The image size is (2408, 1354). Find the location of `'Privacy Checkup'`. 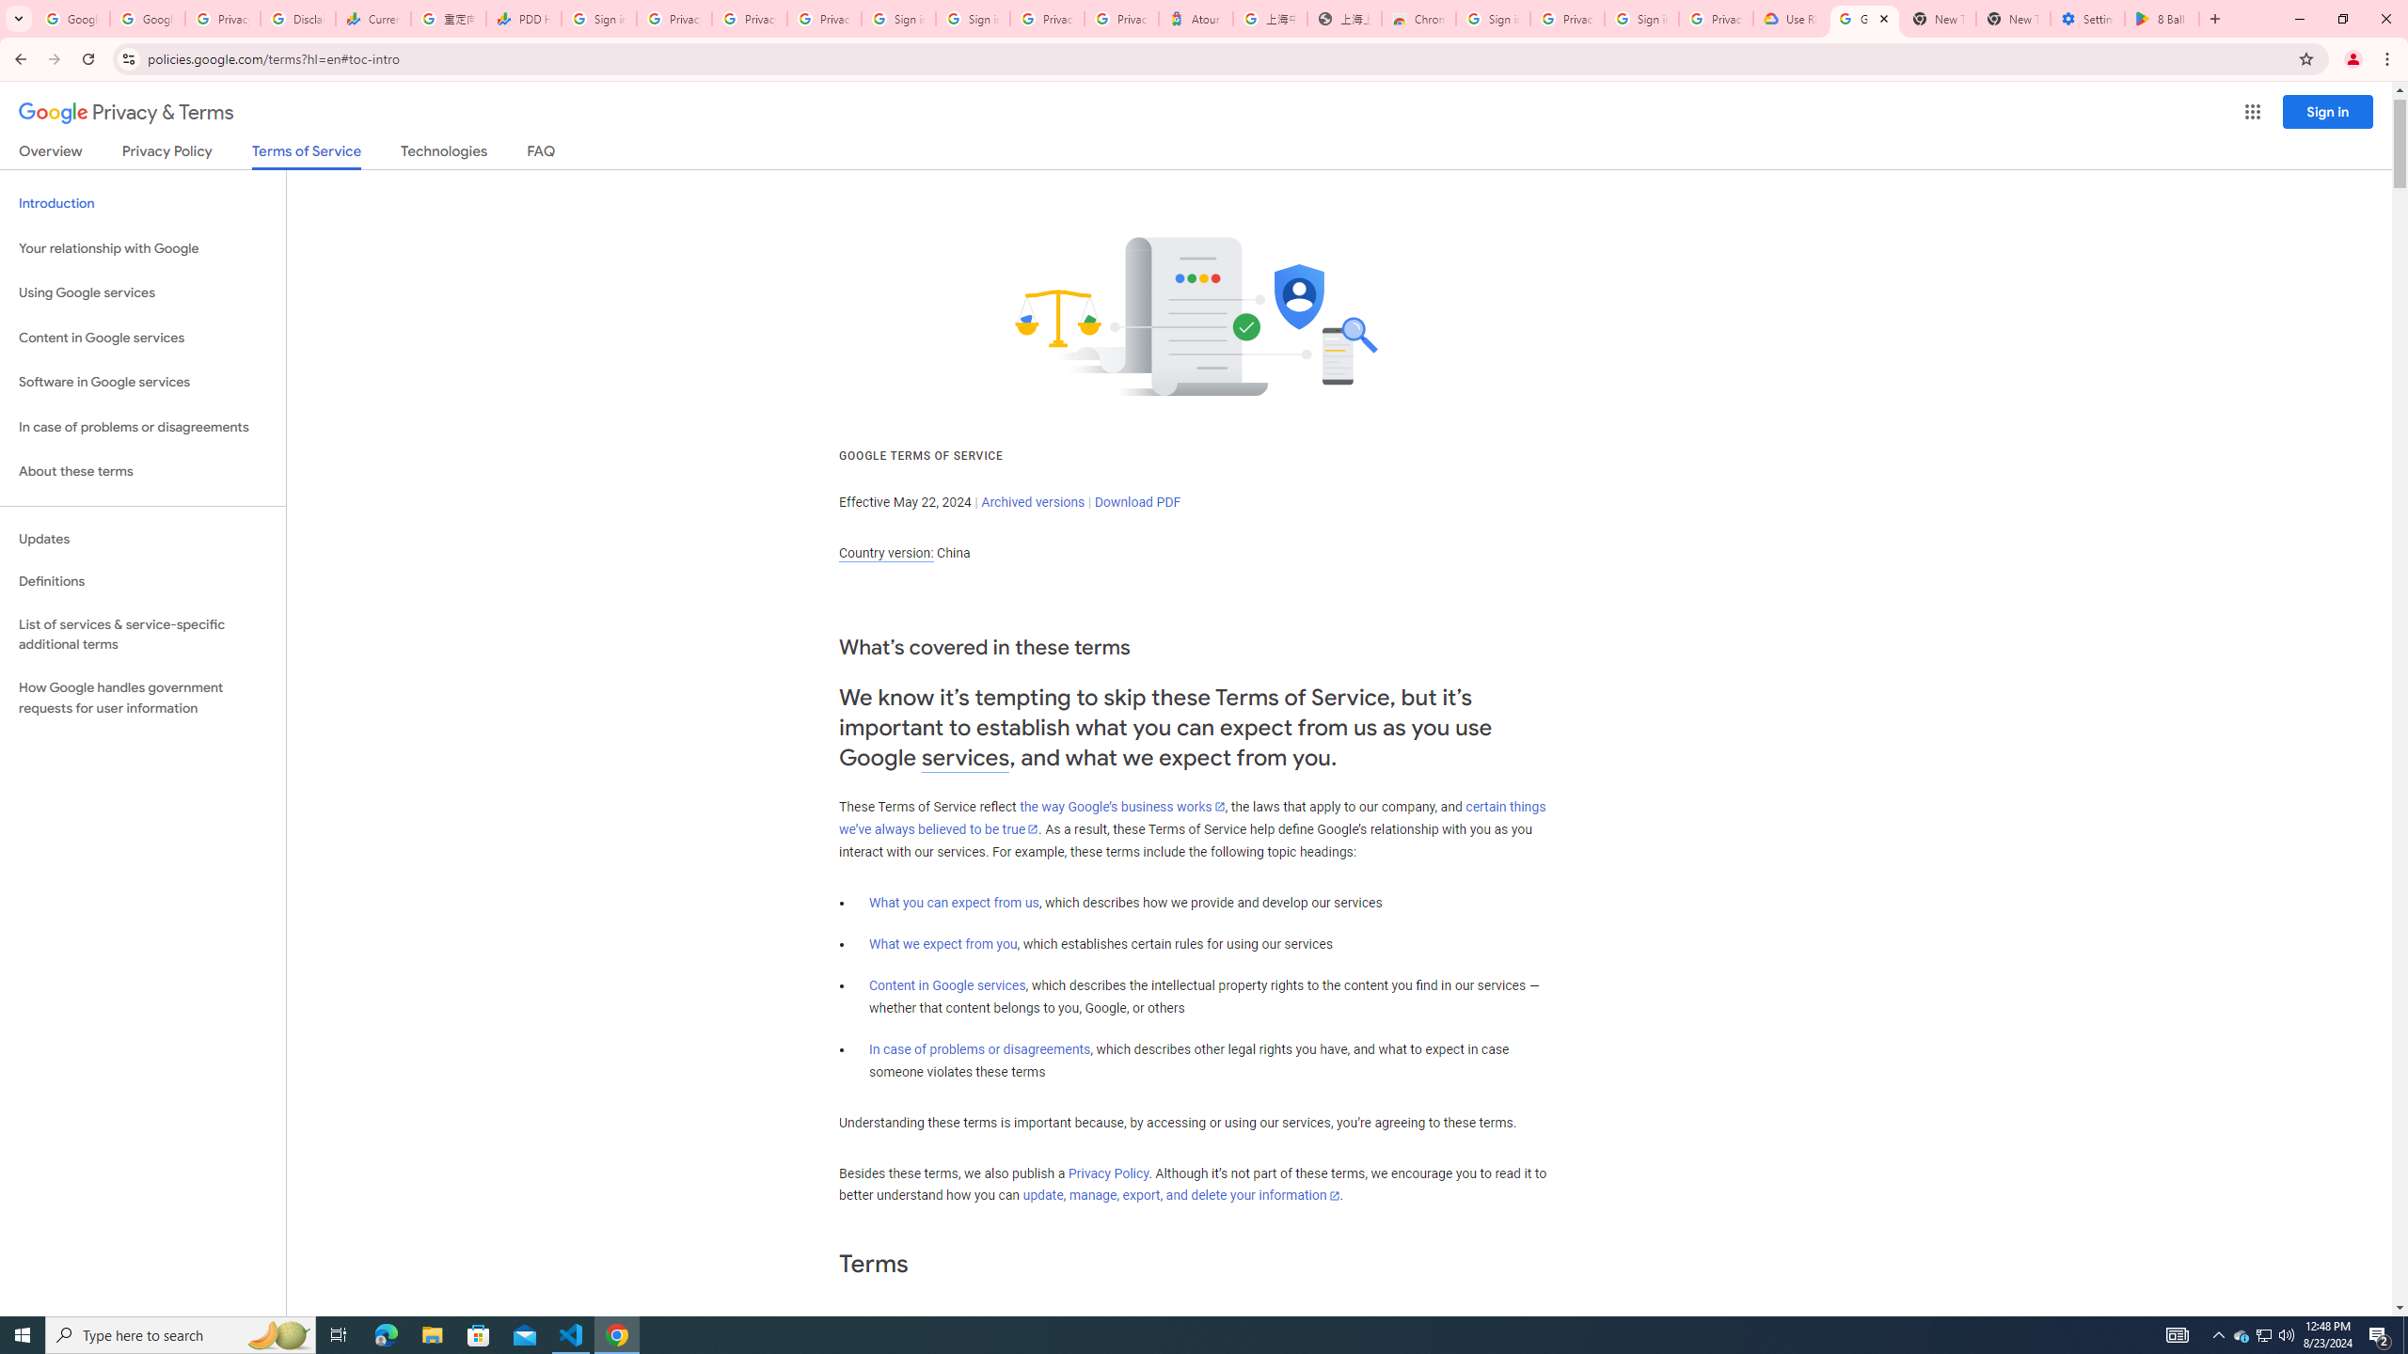

'Privacy Checkup' is located at coordinates (823, 18).